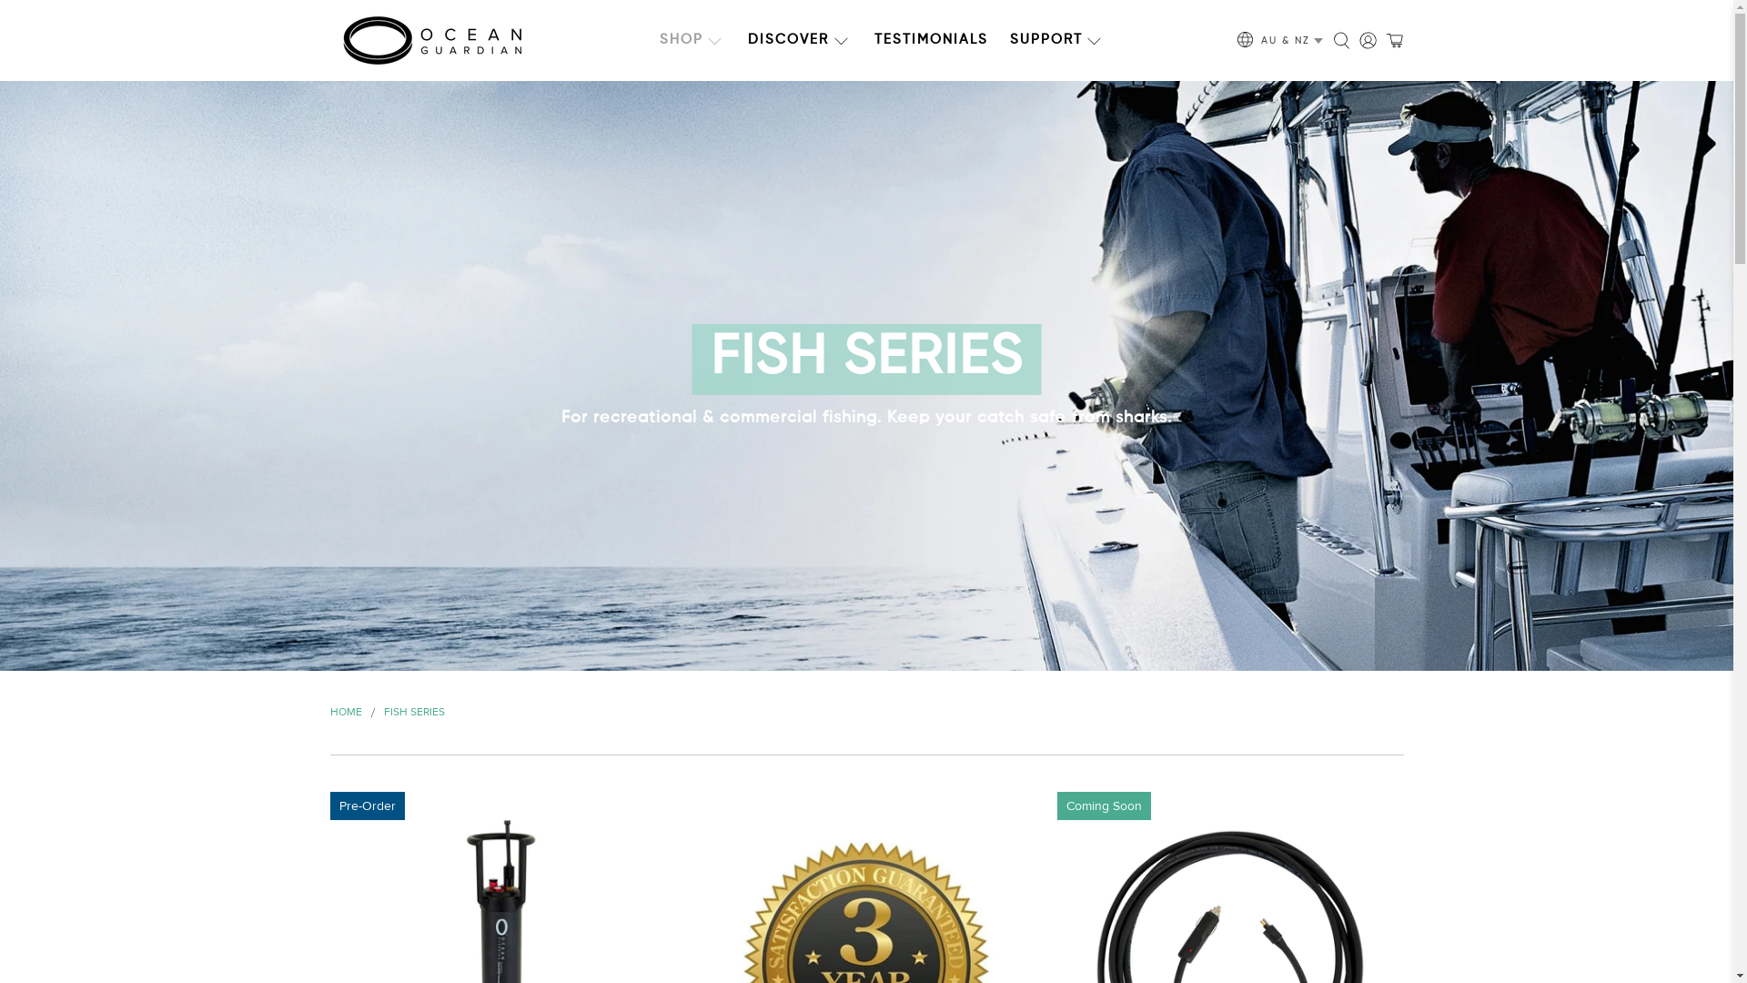 The image size is (1747, 983). What do you see at coordinates (692, 40) in the screenshot?
I see `'SHOP'` at bounding box center [692, 40].